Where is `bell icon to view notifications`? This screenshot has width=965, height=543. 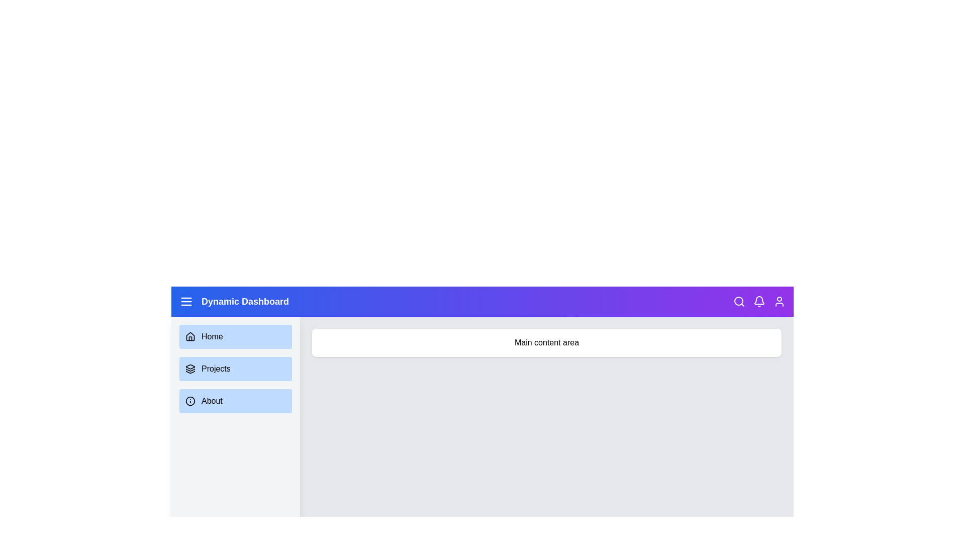 bell icon to view notifications is located at coordinates (759, 301).